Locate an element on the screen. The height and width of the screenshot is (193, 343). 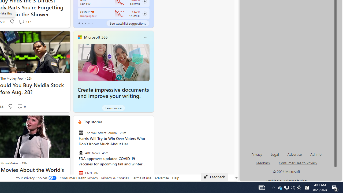
'Create impressive documents and improve your writing.' is located at coordinates (113, 62).